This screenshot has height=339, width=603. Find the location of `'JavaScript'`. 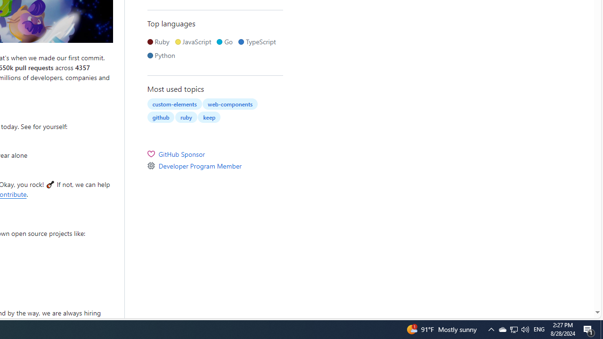

'JavaScript' is located at coordinates (195, 41).